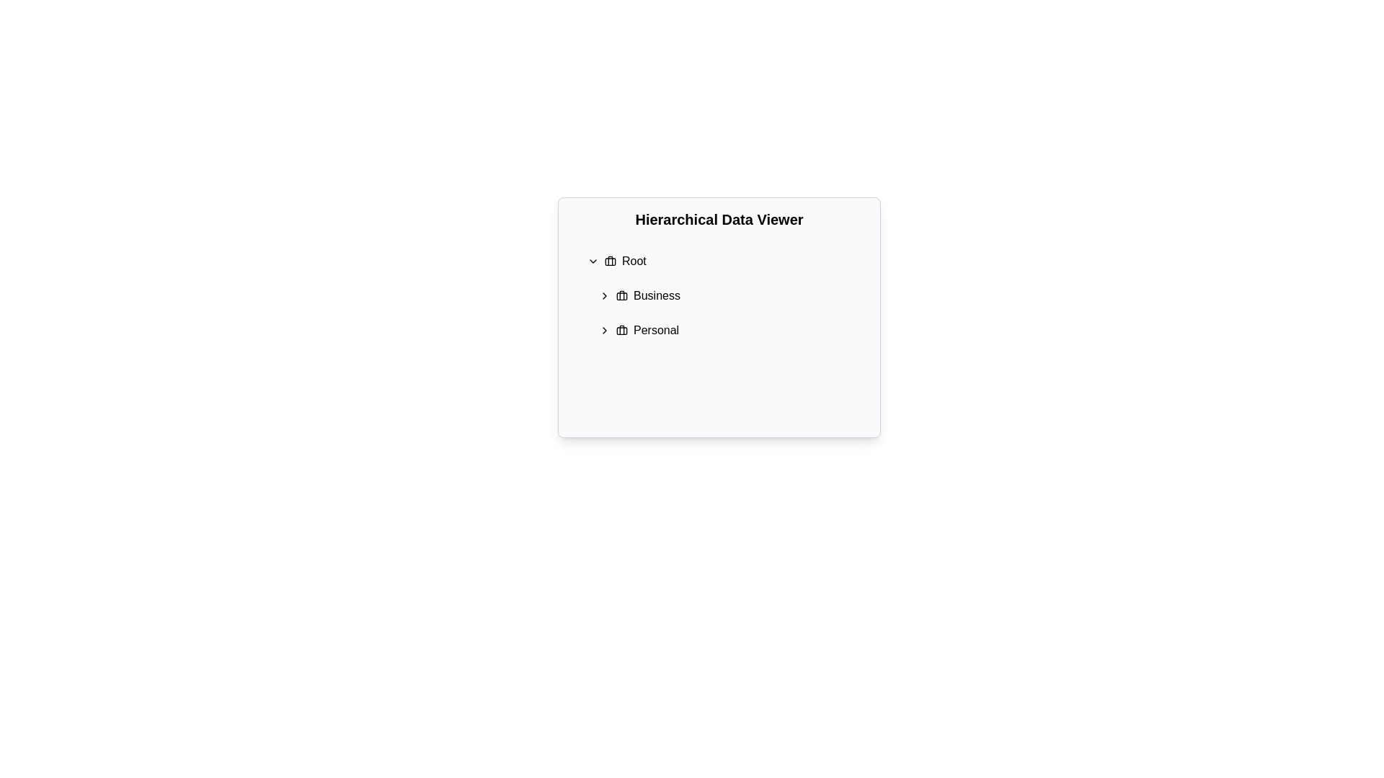 The image size is (1384, 778). I want to click on the 'Business' label in the hierarchical data viewer, so click(656, 295).